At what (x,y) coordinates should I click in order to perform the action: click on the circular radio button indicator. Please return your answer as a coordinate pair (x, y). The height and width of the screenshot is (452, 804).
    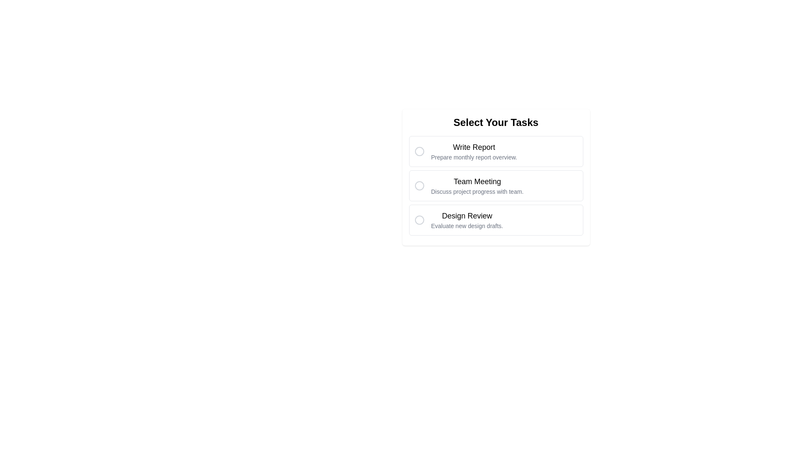
    Looking at the image, I should click on (419, 152).